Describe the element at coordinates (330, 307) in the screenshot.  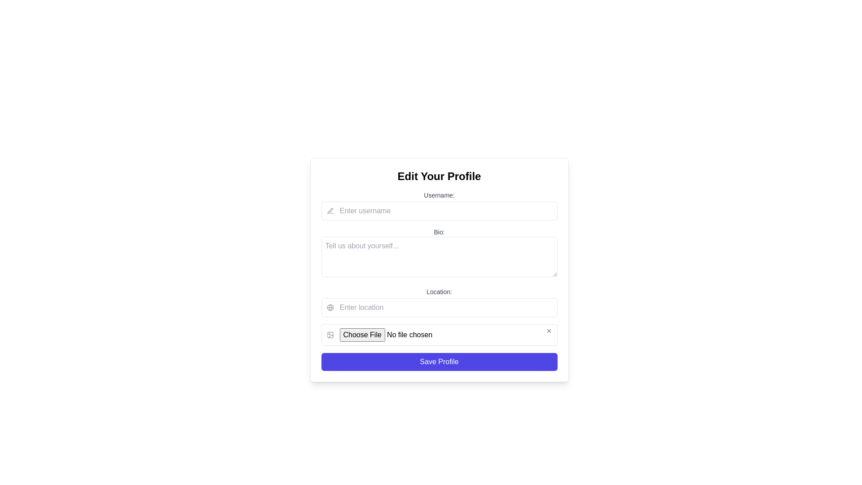
I see `the circular element representing the globe symbol within the SVG illustration, which is located to the left of the 'Enter location' input field` at that location.